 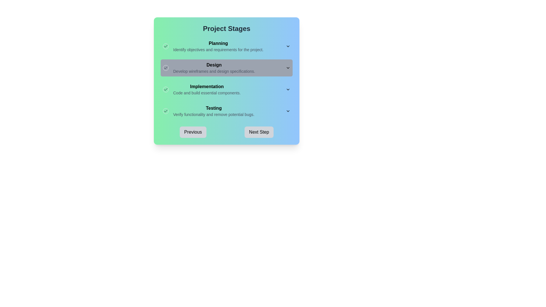 I want to click on the 'Previous' button, which is a rounded rectangular button with a light gray background and bold black text, so click(x=193, y=132).